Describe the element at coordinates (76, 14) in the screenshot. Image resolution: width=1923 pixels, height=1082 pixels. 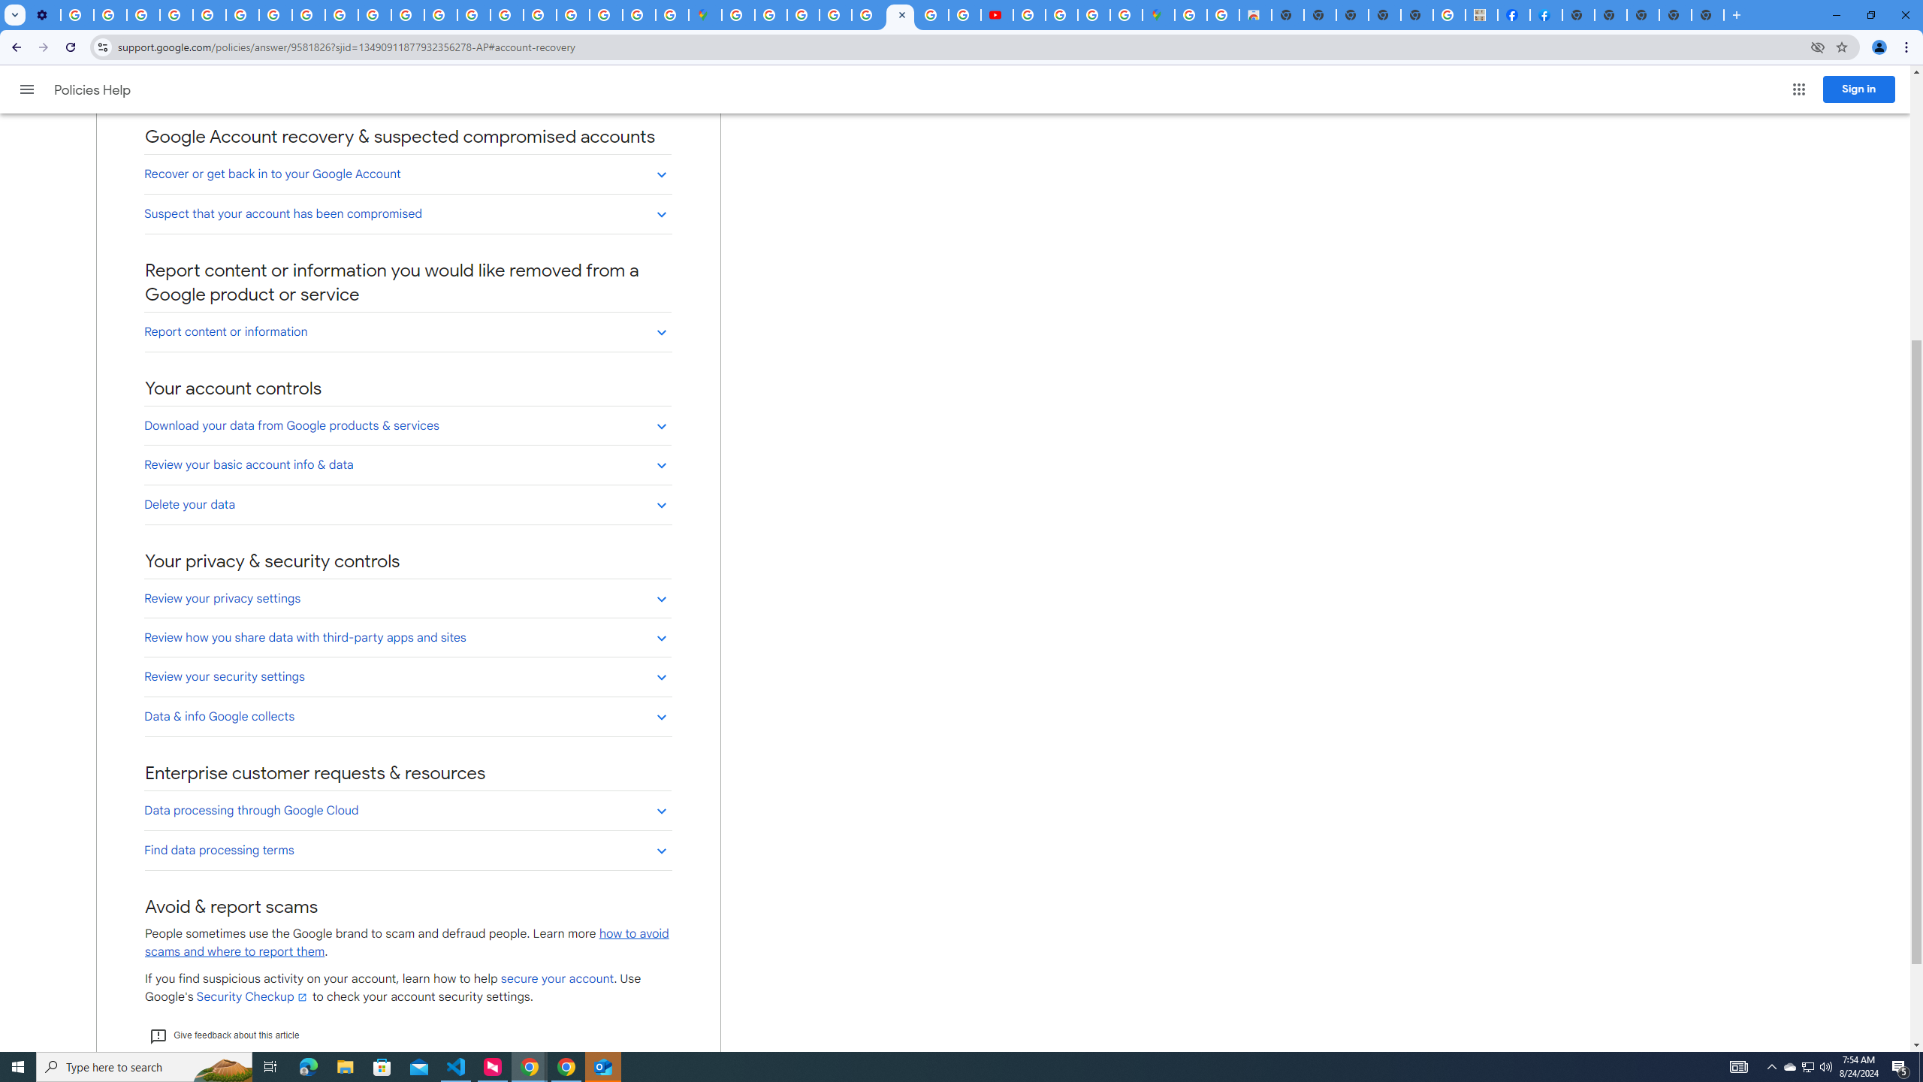
I see `'Delete photos & videos - Computer - Google Photos Help'` at that location.